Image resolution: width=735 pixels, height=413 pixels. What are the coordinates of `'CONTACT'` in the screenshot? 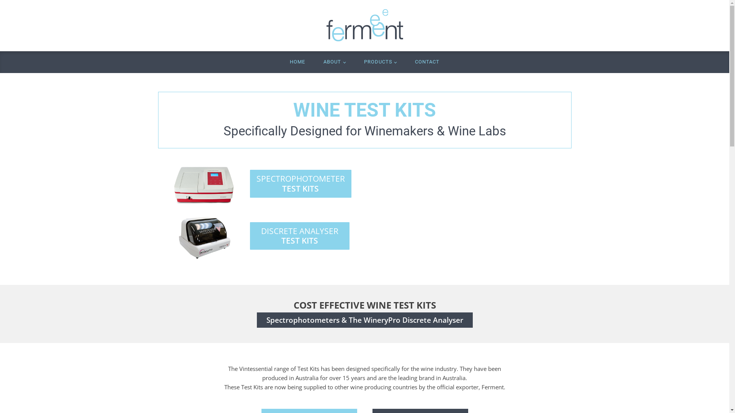 It's located at (405, 62).